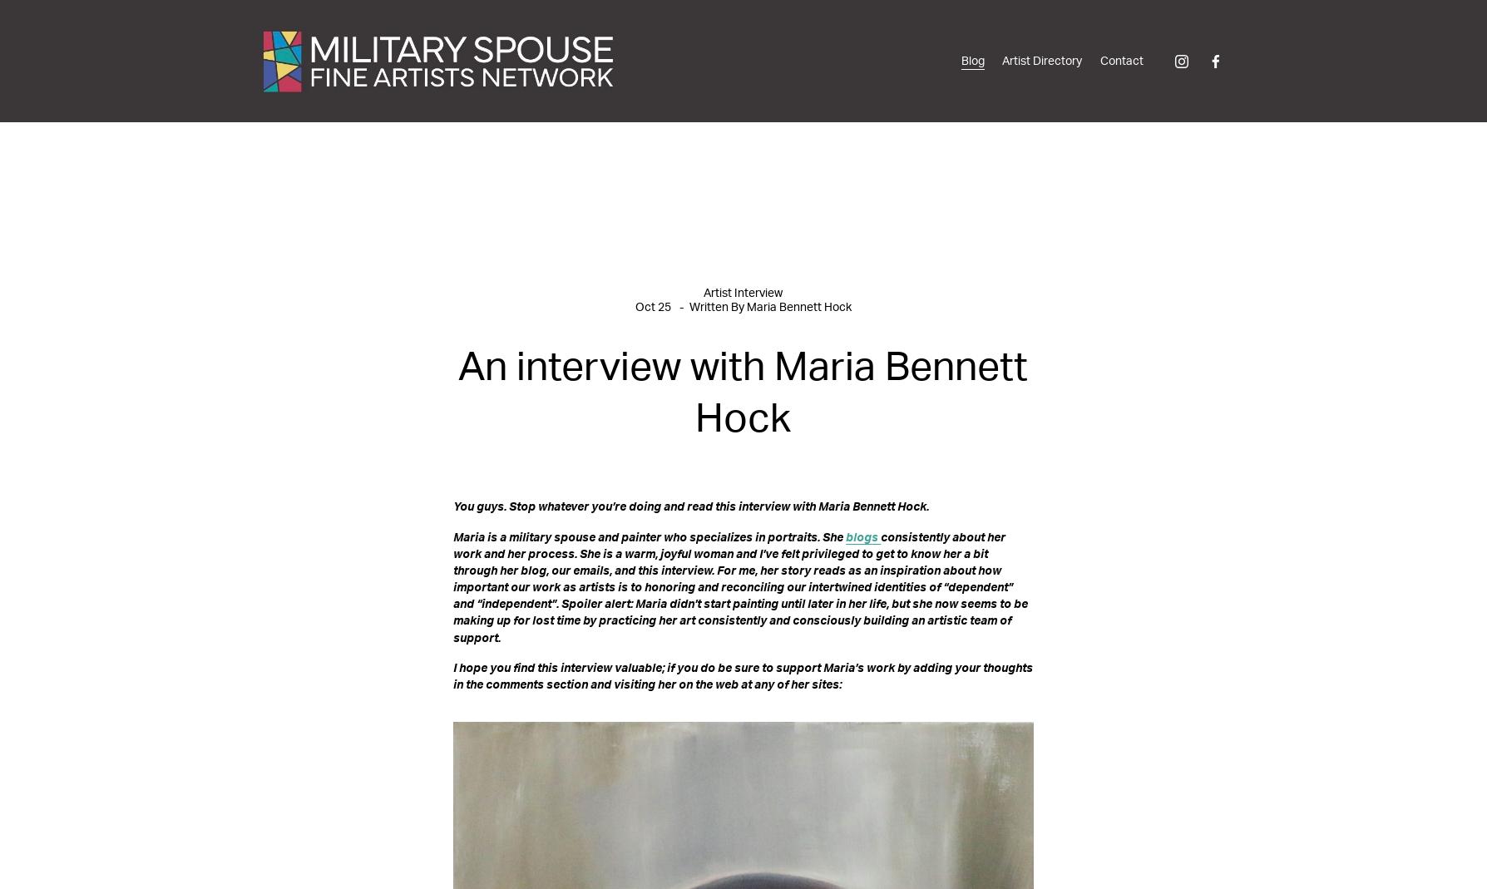  I want to click on 'Oct 25', so click(651, 307).